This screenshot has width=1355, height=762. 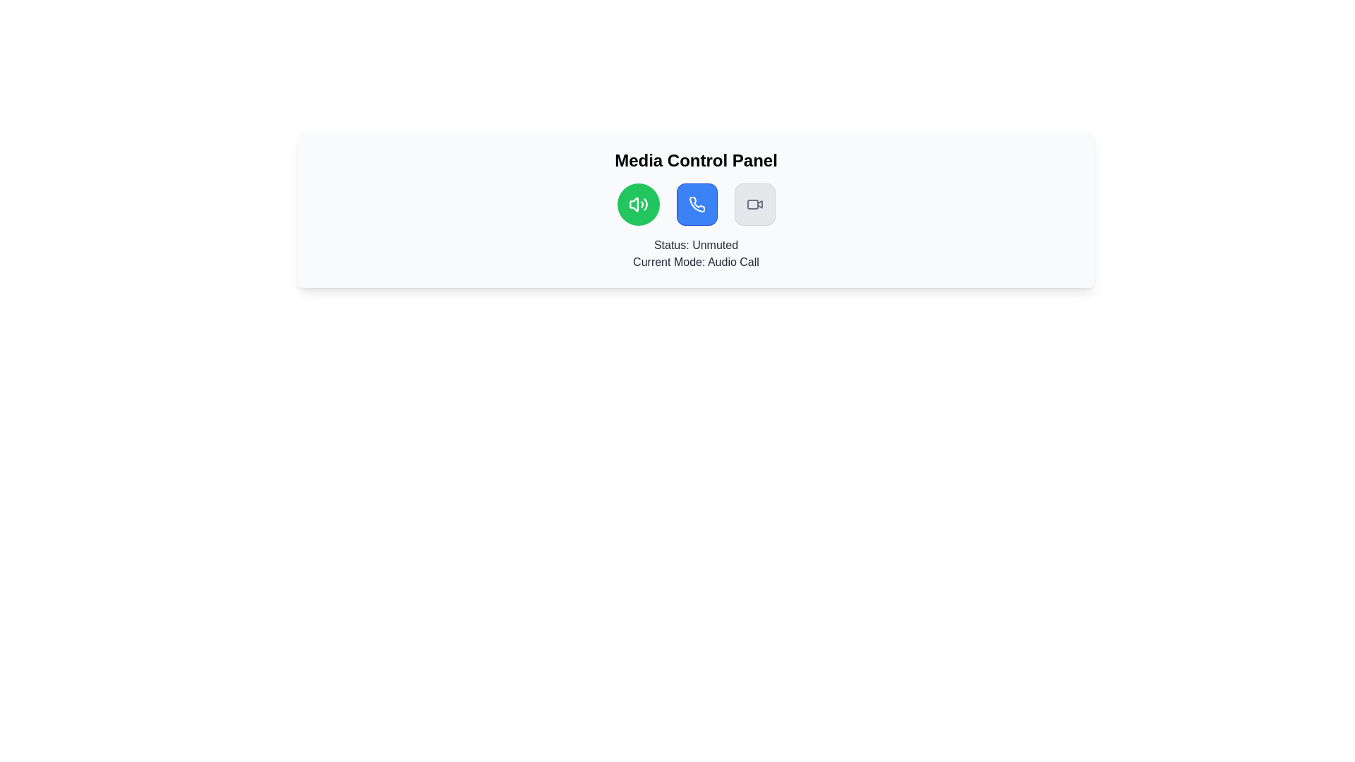 I want to click on the Informational Text Label that indicates 'Audio Call', which is located below the 'Status: Unmuted' text in the Media Control Panel, so click(x=696, y=262).